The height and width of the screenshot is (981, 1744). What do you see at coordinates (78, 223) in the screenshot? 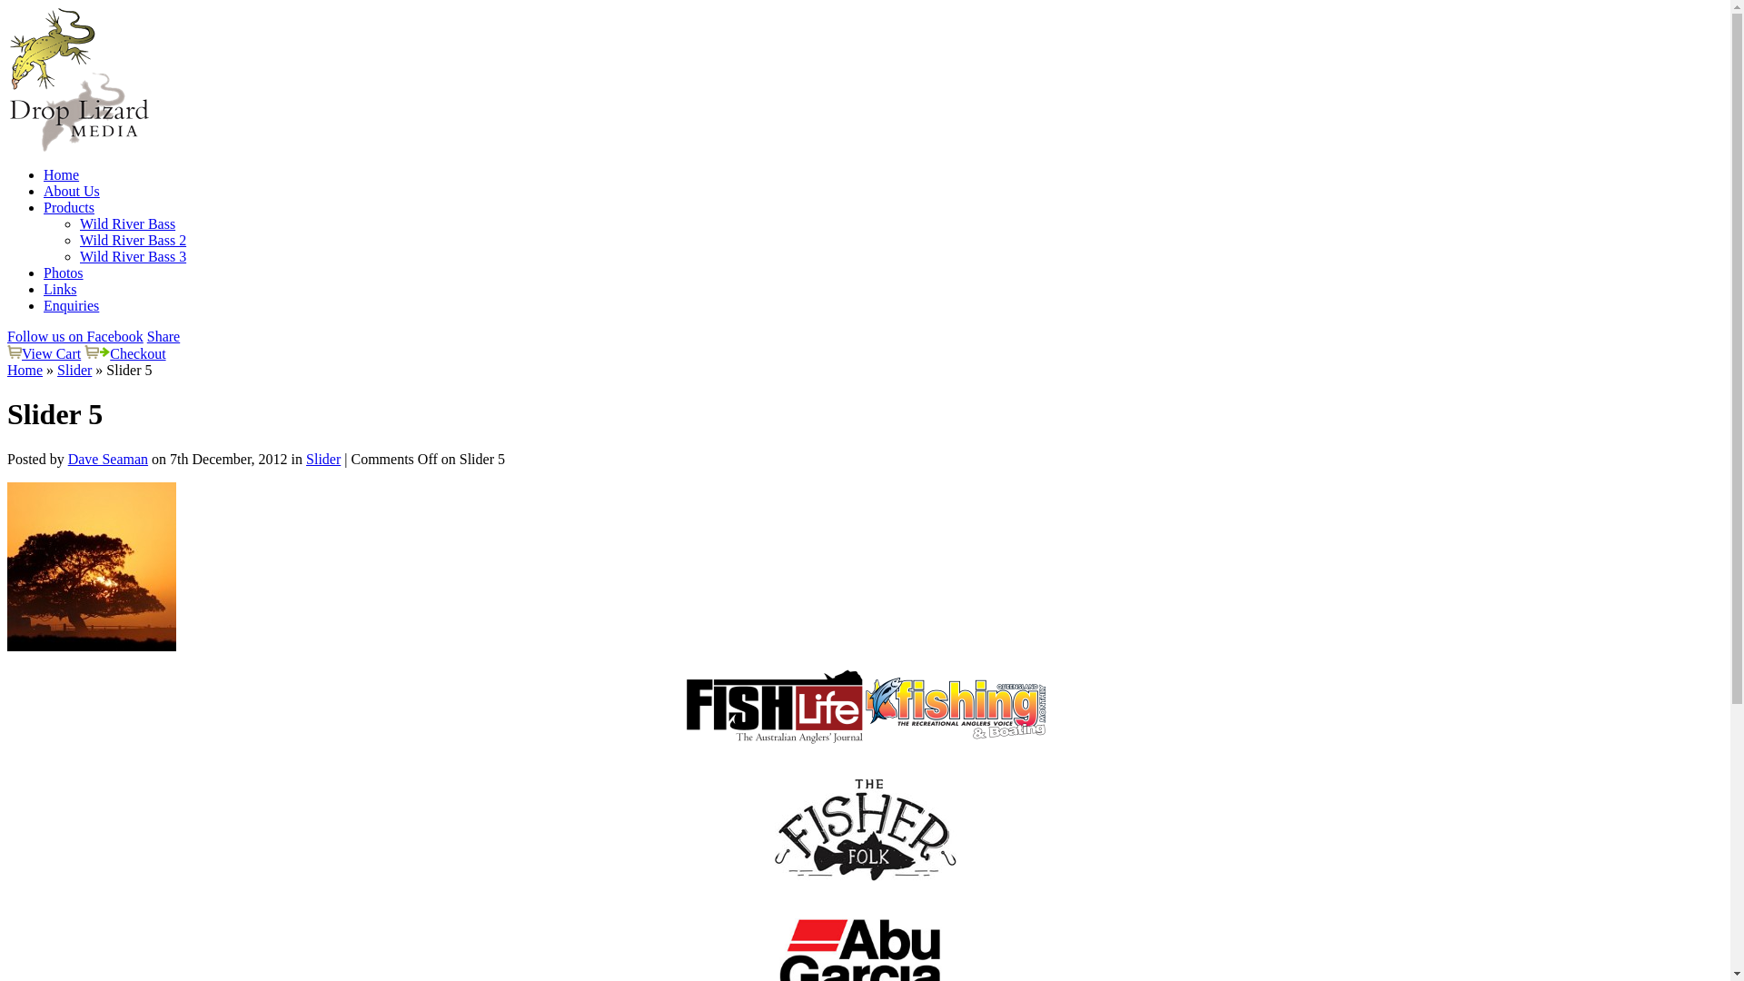
I see `'Wild River Bass'` at bounding box center [78, 223].